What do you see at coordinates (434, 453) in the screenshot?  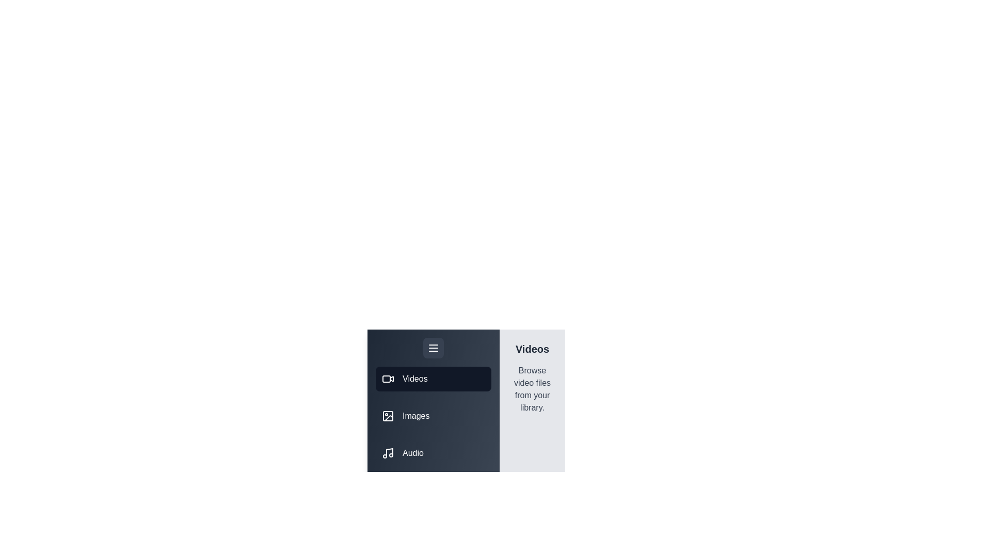 I see `the media type Audio from the drawer` at bounding box center [434, 453].